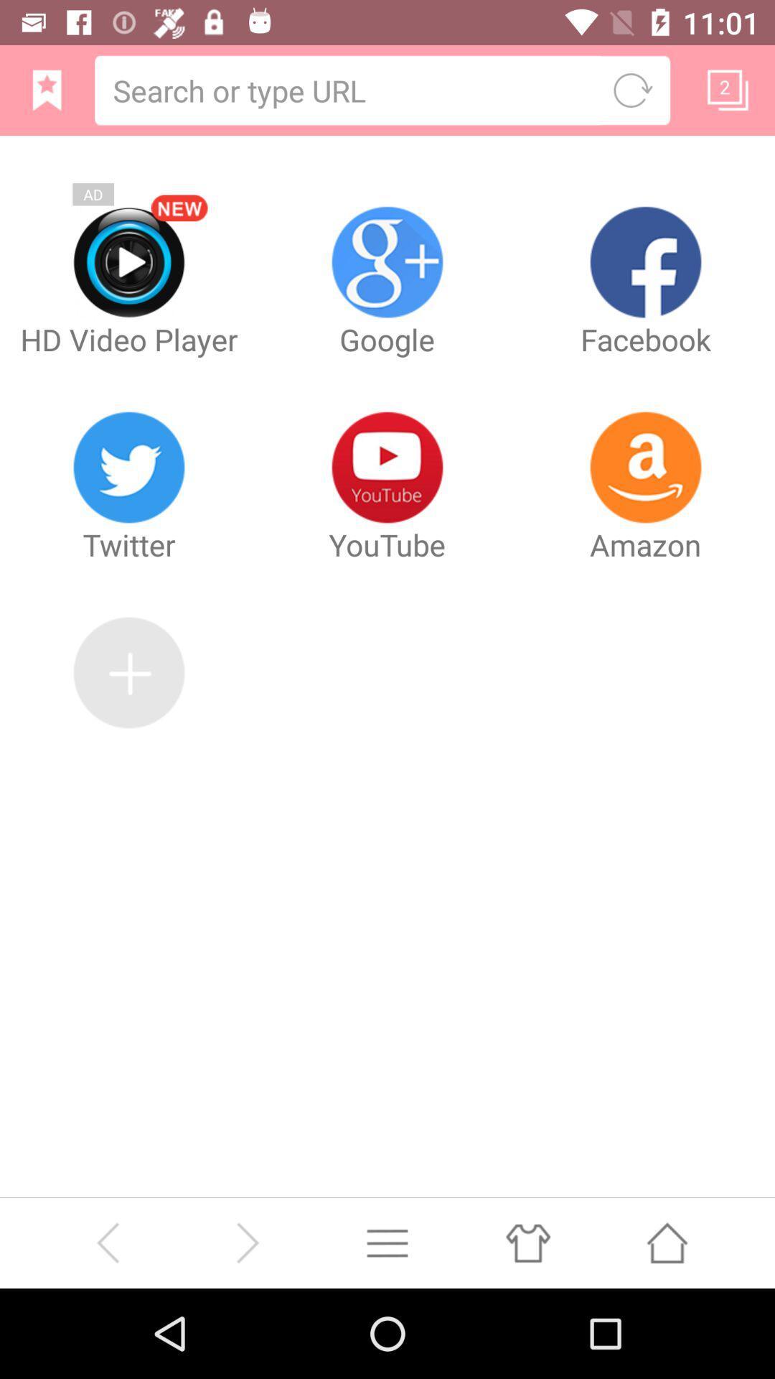  What do you see at coordinates (46, 89) in the screenshot?
I see `bookmark` at bounding box center [46, 89].